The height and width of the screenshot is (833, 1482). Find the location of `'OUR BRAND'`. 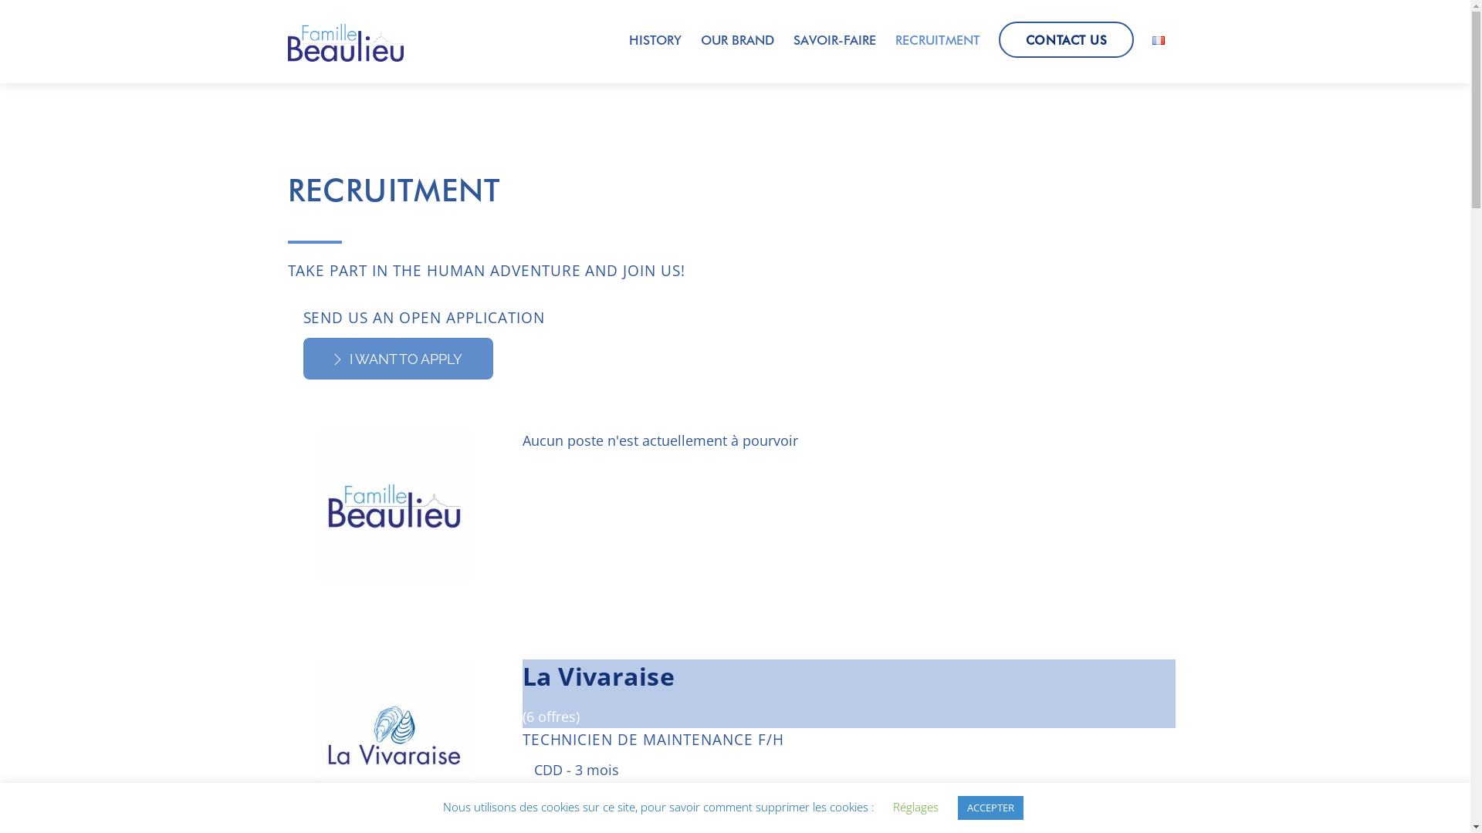

'OUR BRAND' is located at coordinates (736, 39).